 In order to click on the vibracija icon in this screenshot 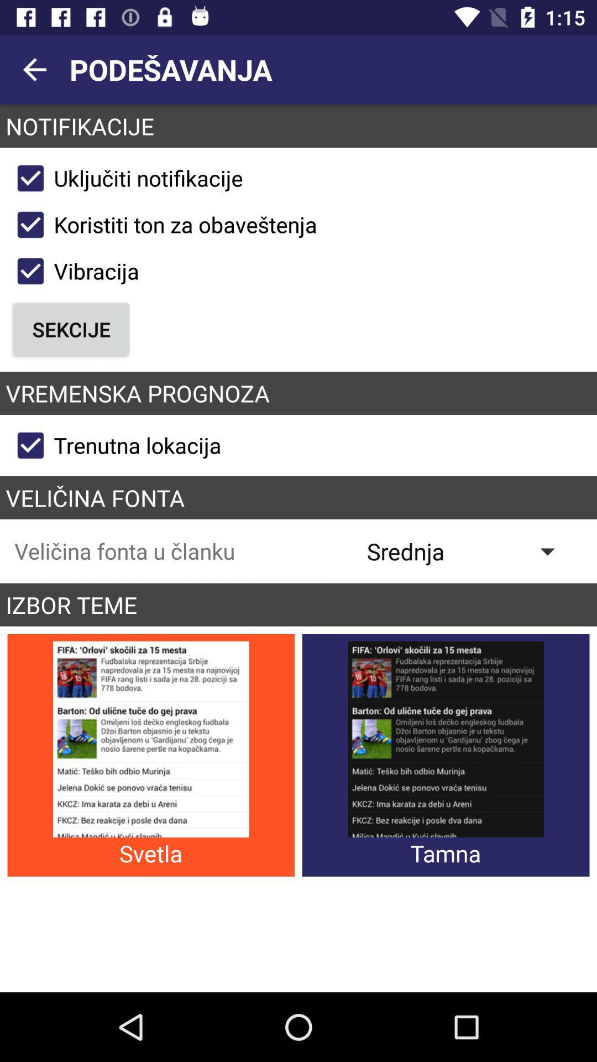, I will do `click(73, 271)`.